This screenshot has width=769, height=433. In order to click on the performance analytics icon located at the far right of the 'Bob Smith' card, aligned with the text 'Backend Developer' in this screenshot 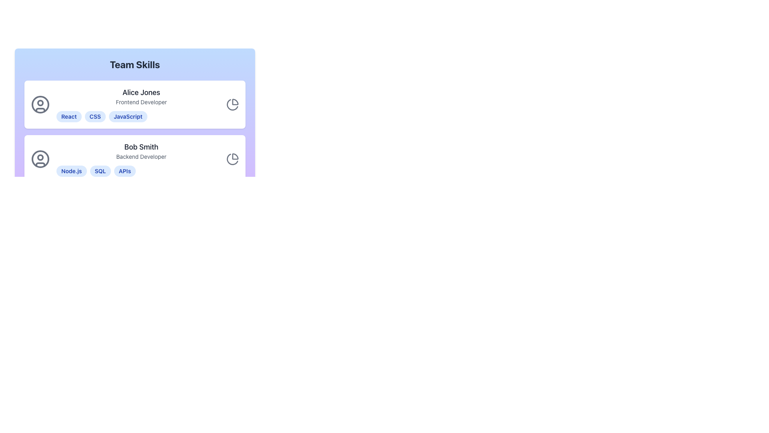, I will do `click(232, 159)`.